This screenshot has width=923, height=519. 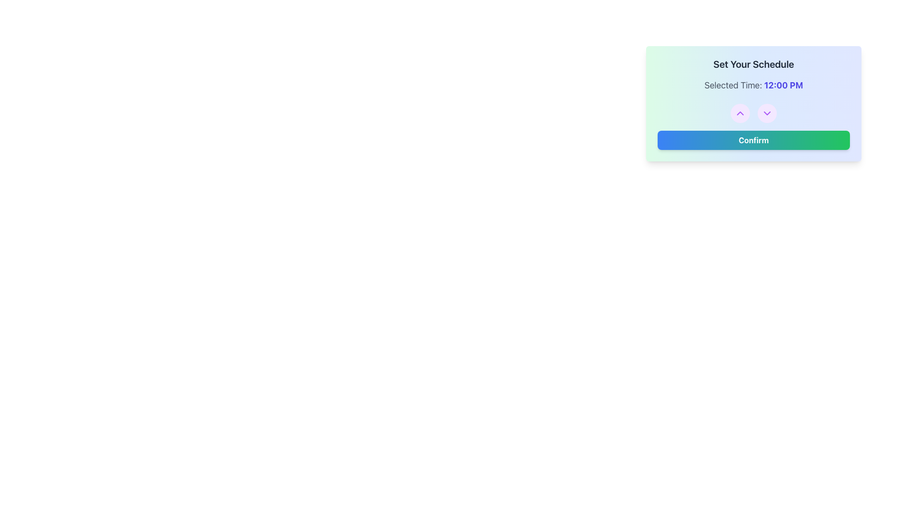 What do you see at coordinates (784, 85) in the screenshot?
I see `the static text displaying '12:00 PM', which is styled in bold indigo color and located to the right of the 'Selected Time:' label` at bounding box center [784, 85].